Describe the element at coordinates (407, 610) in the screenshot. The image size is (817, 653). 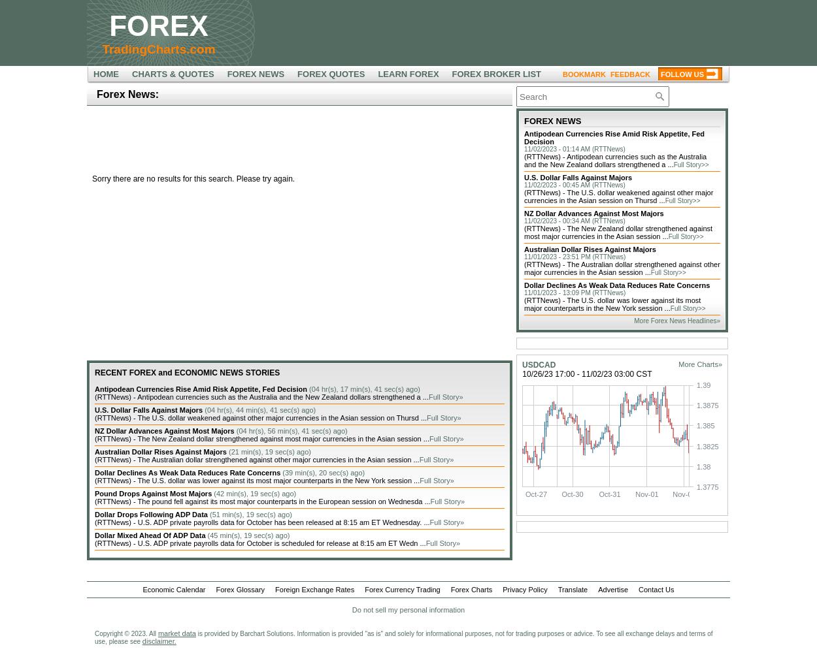
I see `'Do not sell my personal information'` at that location.